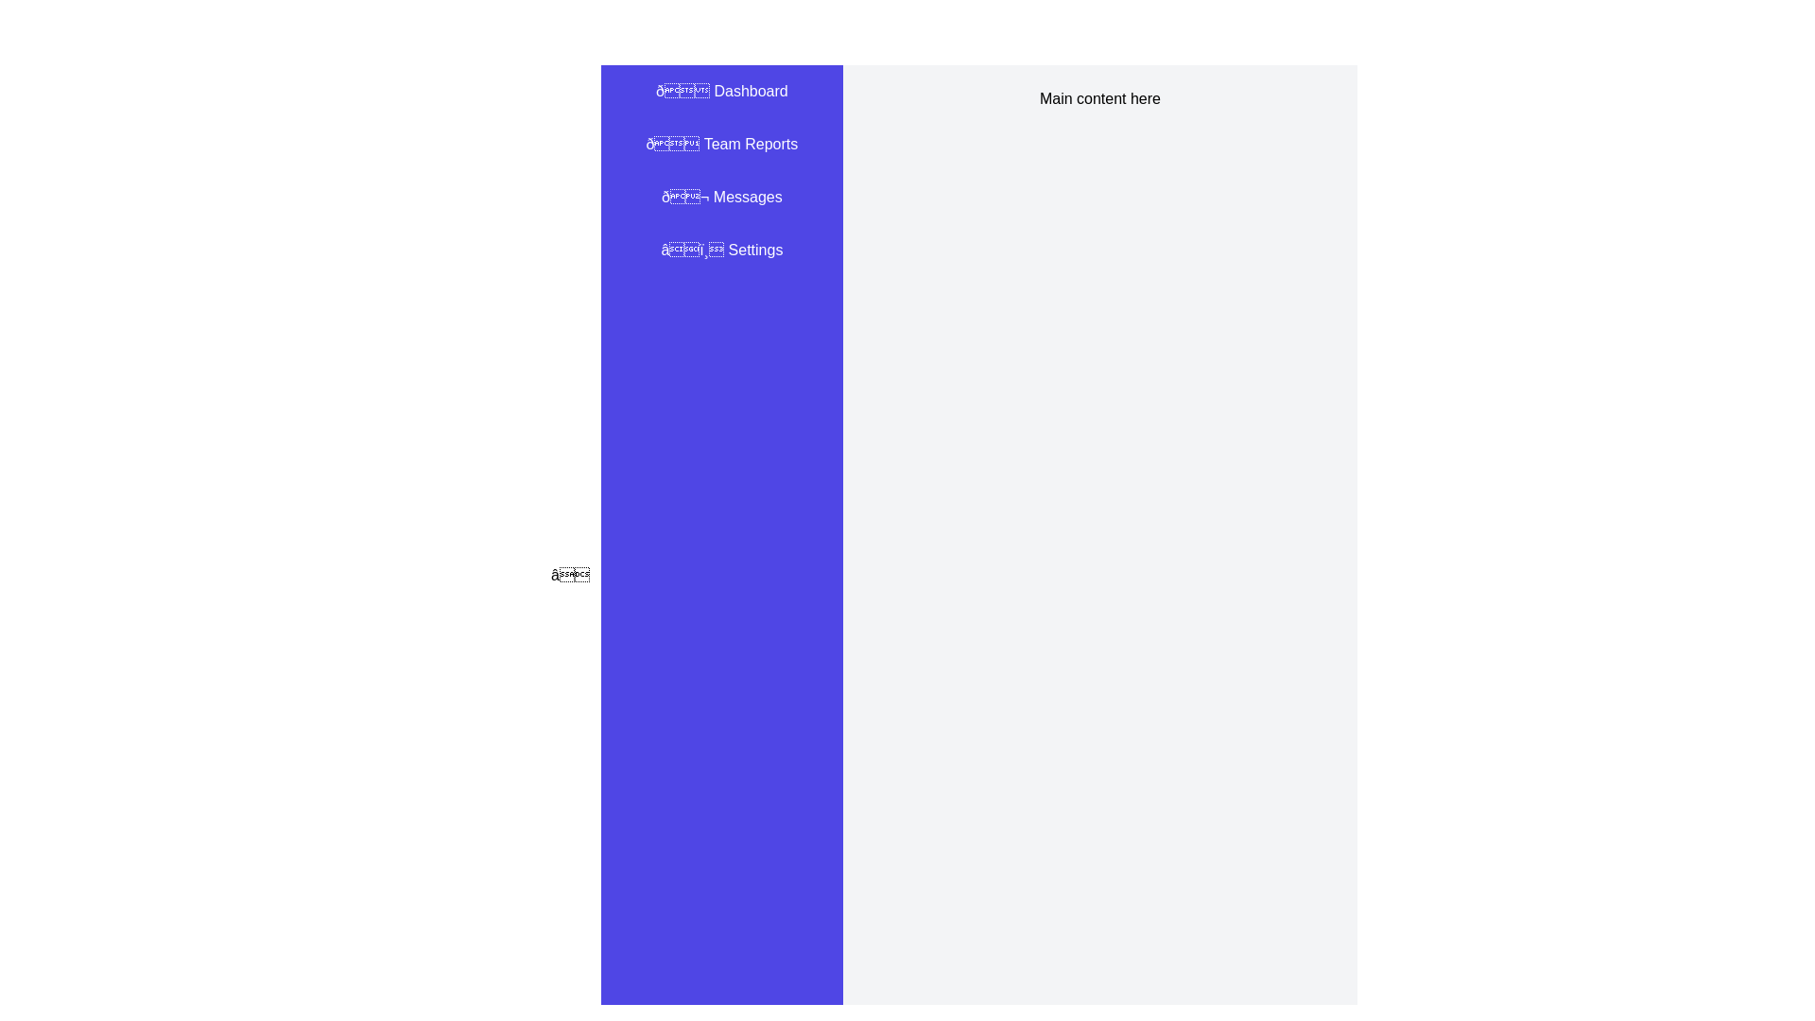 Image resolution: width=1815 pixels, height=1021 pixels. What do you see at coordinates (720, 197) in the screenshot?
I see `the 'Messages' menu item in the drawer` at bounding box center [720, 197].